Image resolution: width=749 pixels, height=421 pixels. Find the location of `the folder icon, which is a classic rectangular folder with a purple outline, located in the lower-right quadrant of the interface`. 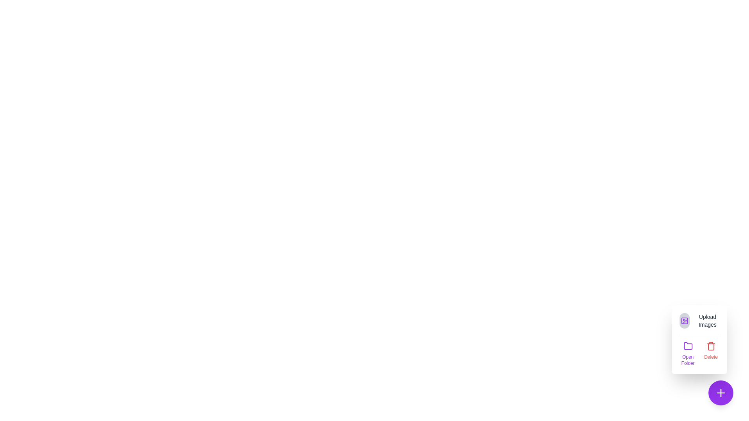

the folder icon, which is a classic rectangular folder with a purple outline, located in the lower-right quadrant of the interface is located at coordinates (688, 345).